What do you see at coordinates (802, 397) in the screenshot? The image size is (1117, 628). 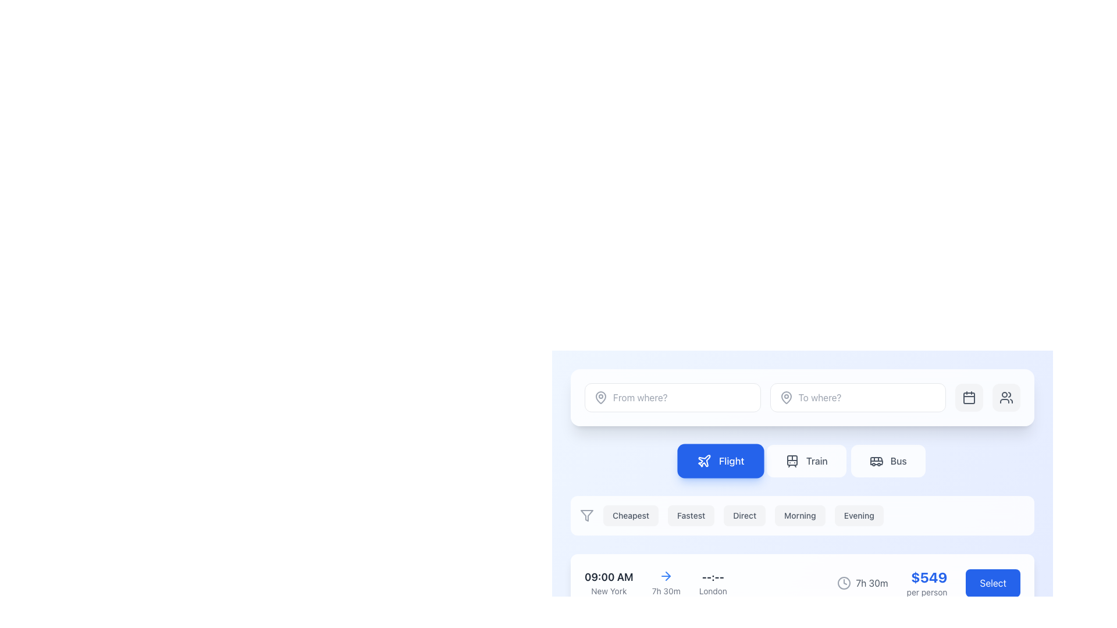 I see `the composite input form` at bounding box center [802, 397].